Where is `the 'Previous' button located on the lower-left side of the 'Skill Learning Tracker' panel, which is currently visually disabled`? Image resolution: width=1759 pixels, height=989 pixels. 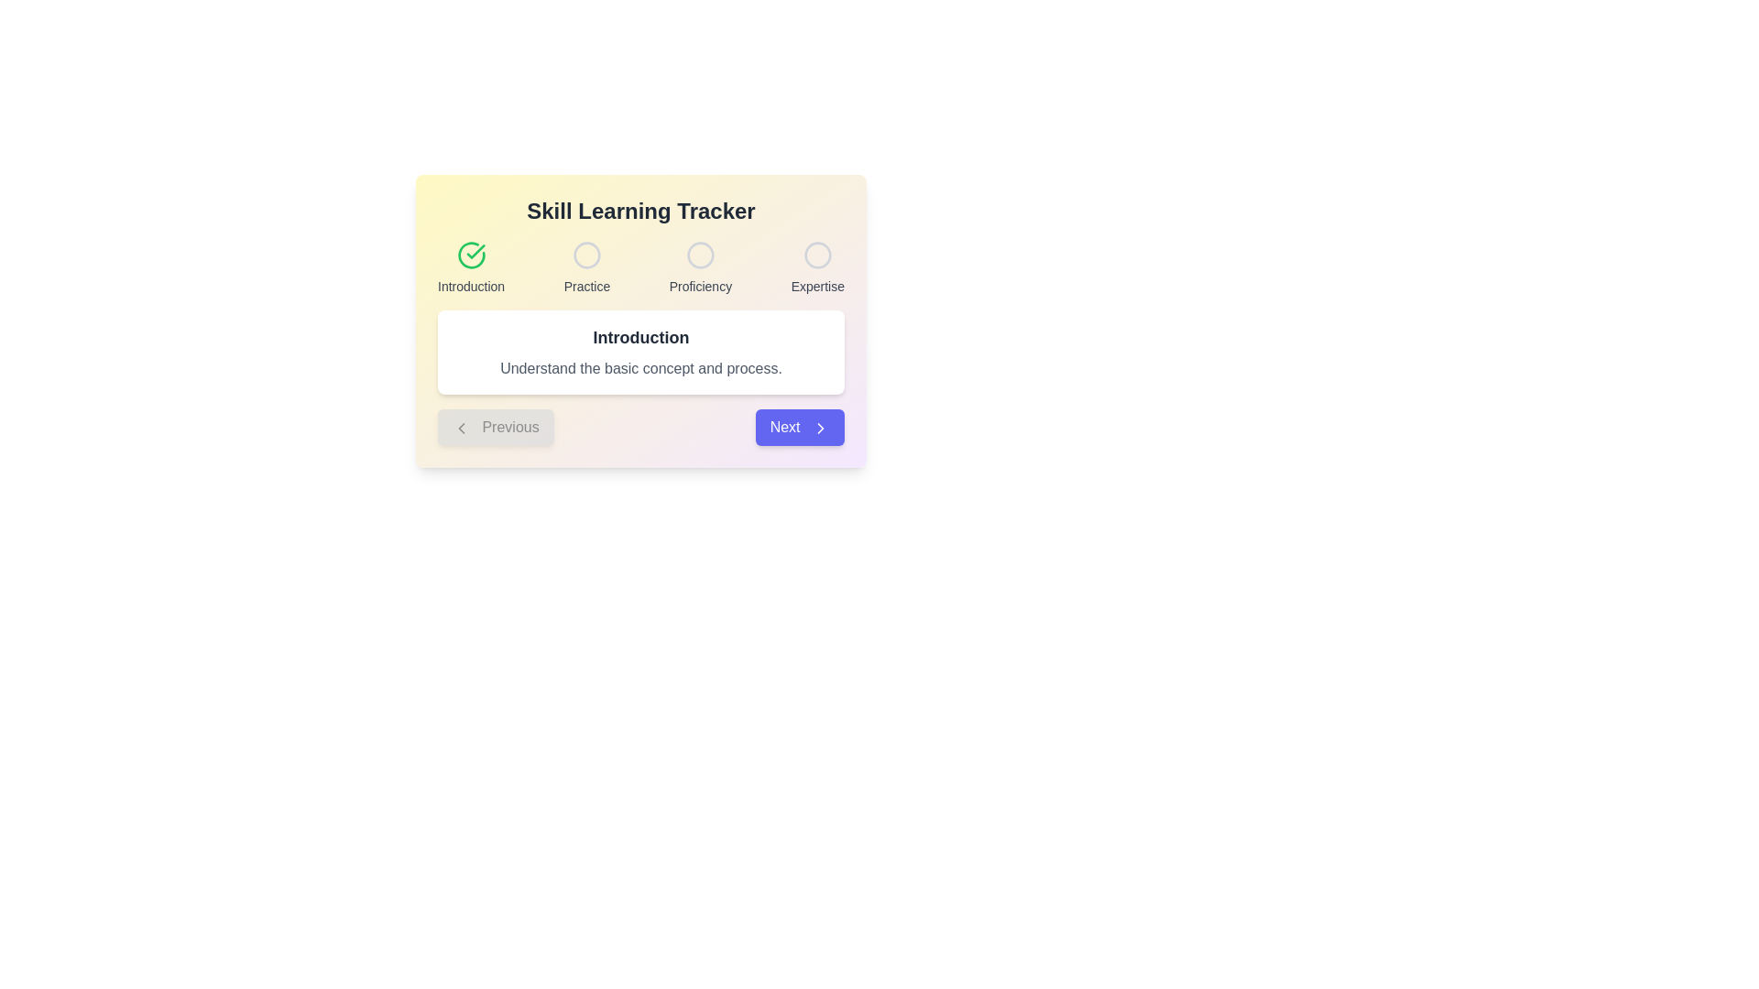
the 'Previous' button located on the lower-left side of the 'Skill Learning Tracker' panel, which is currently visually disabled is located at coordinates (496, 427).